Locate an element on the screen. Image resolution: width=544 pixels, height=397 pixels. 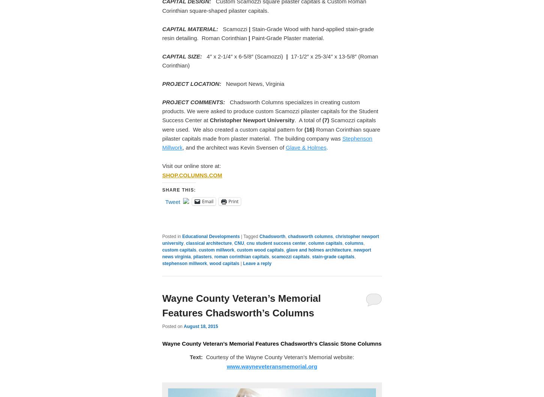
'(16)' is located at coordinates (304, 129).